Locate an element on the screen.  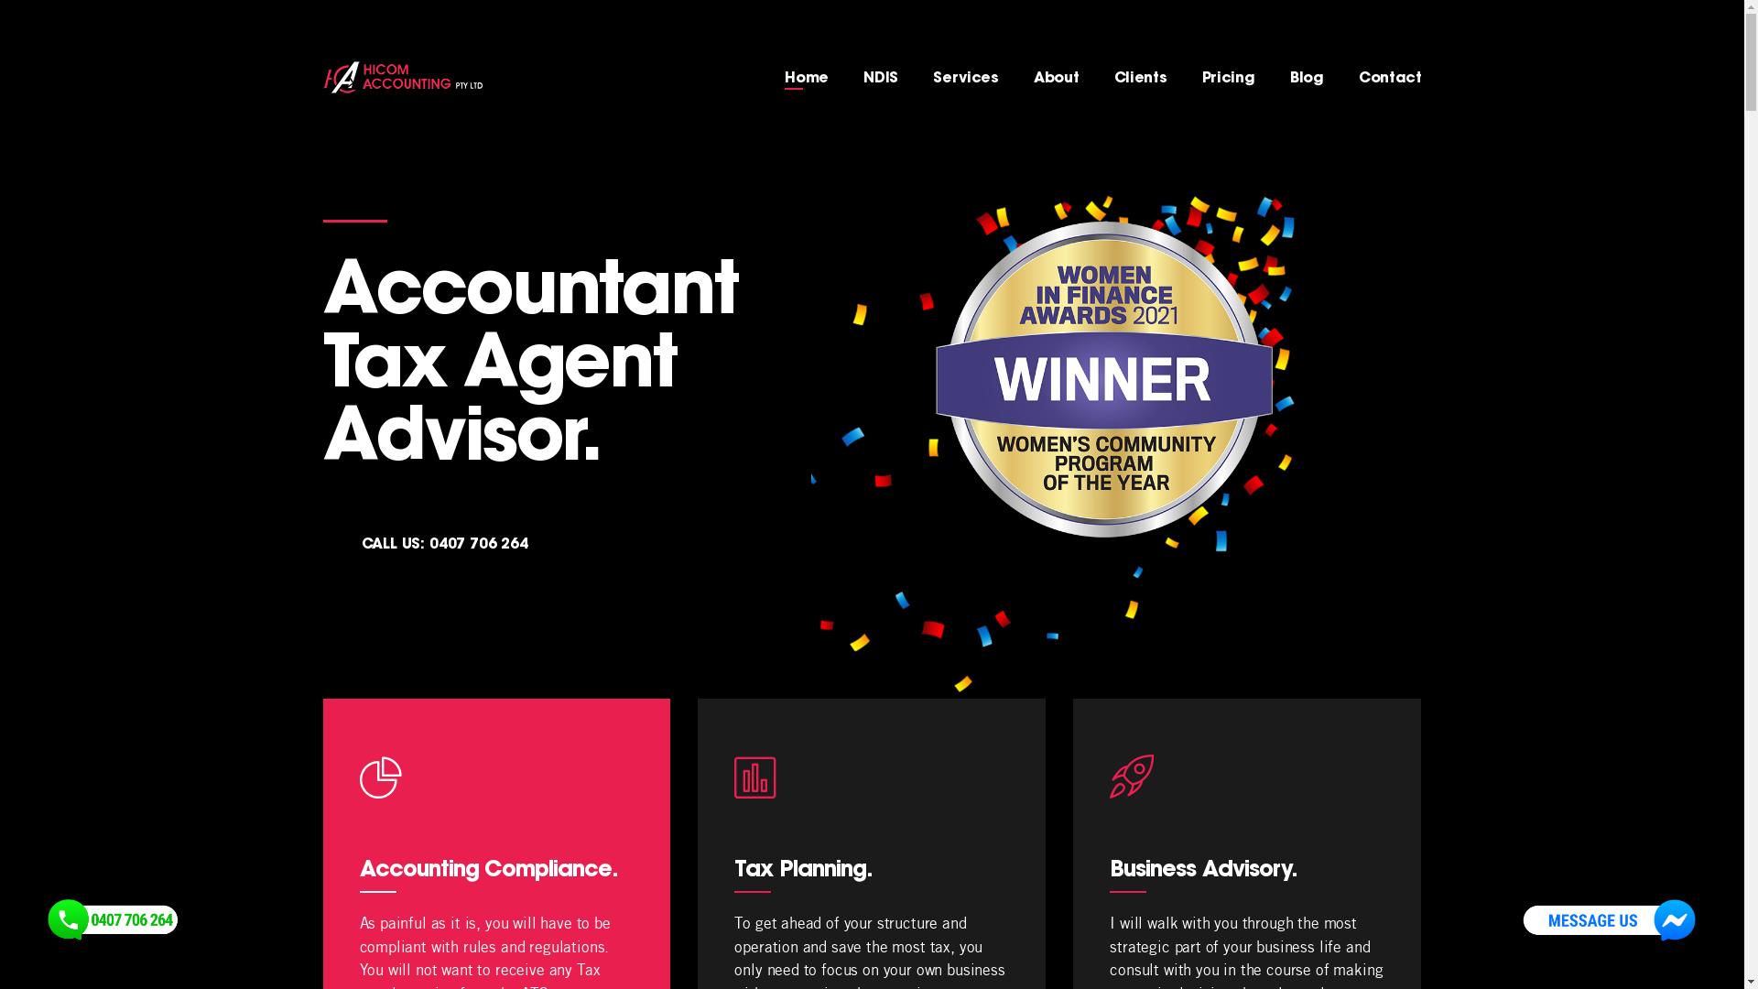
'Blog' is located at coordinates (1306, 77).